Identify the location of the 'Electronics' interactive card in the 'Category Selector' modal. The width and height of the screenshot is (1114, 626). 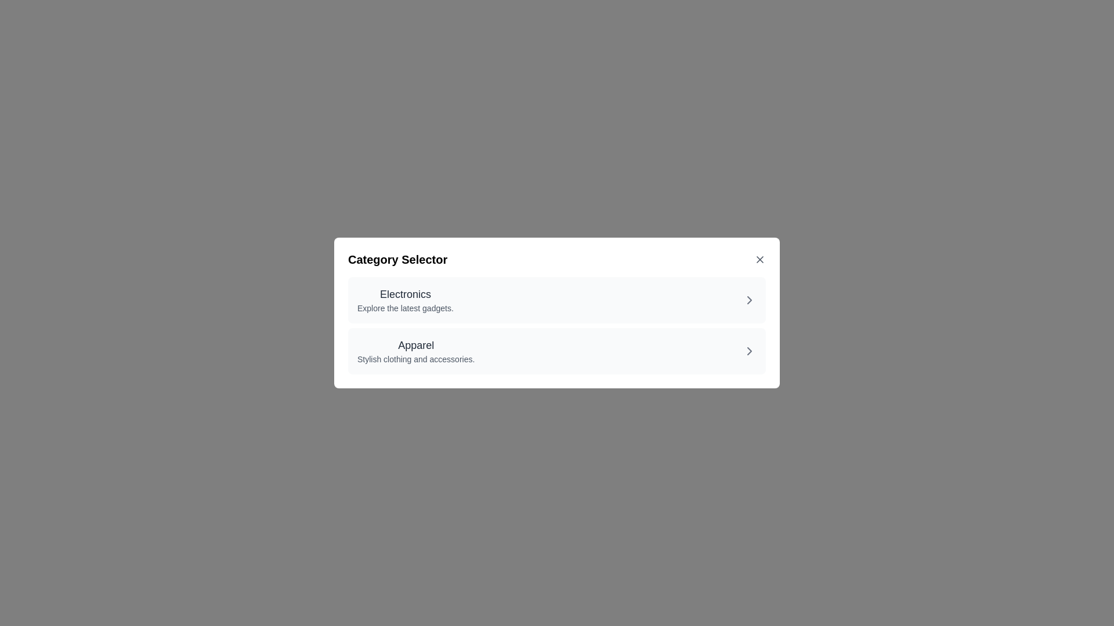
(557, 299).